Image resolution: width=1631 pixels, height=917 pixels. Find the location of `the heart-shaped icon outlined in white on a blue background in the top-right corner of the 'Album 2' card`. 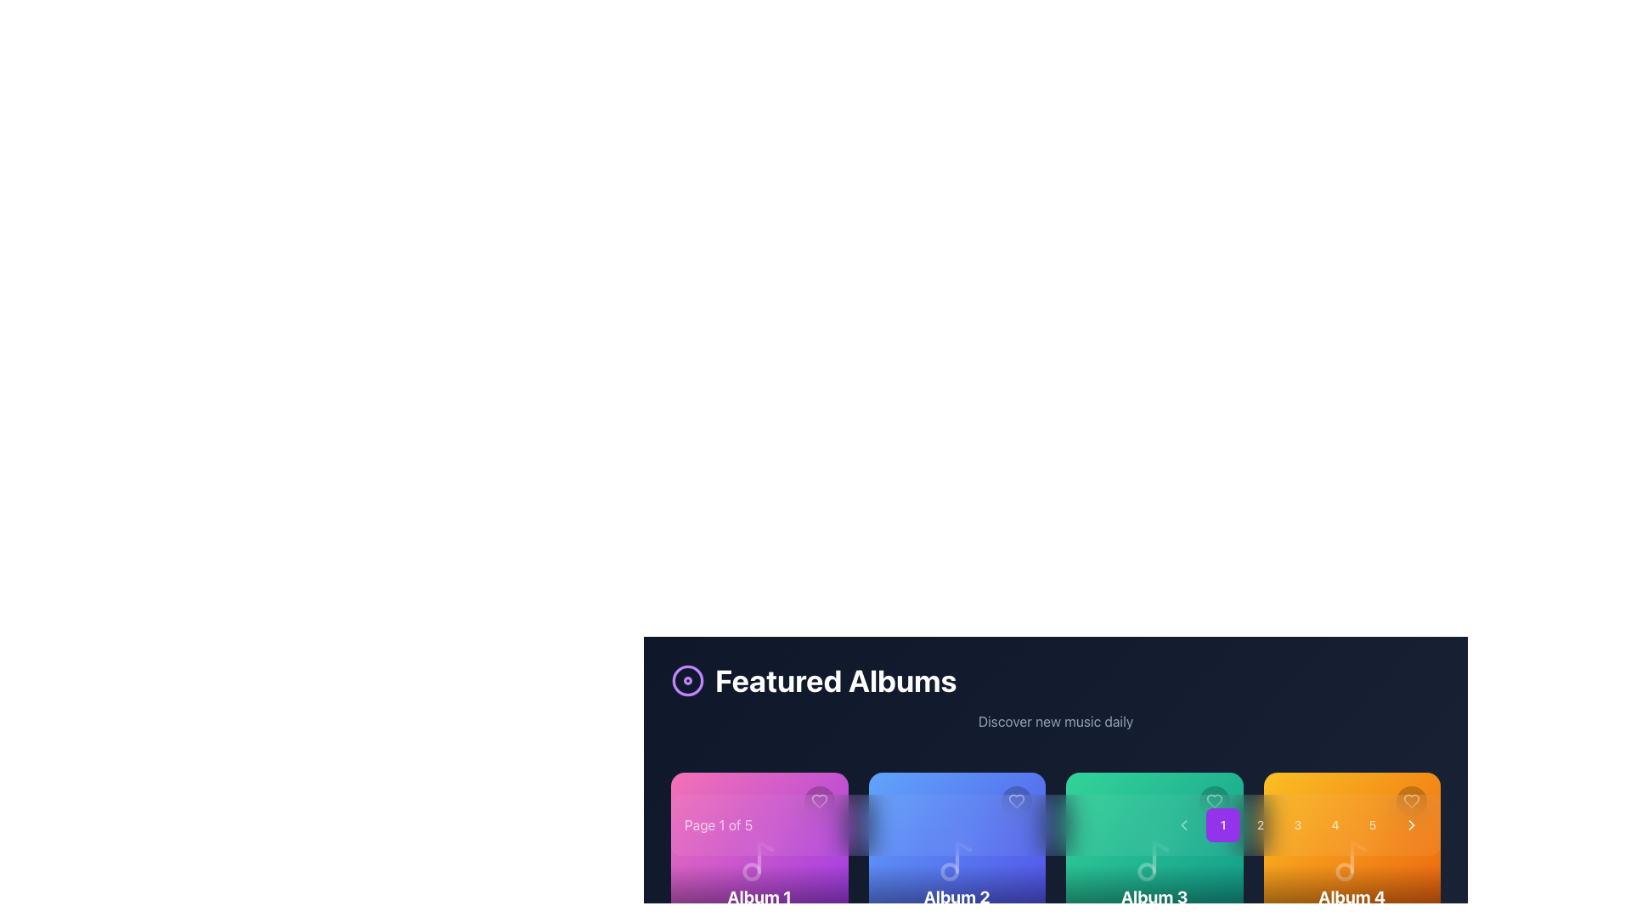

the heart-shaped icon outlined in white on a blue background in the top-right corner of the 'Album 2' card is located at coordinates (1016, 802).